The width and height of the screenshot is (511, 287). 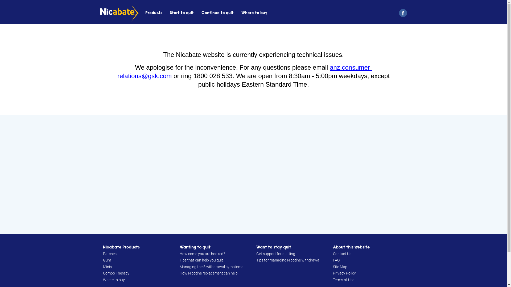 What do you see at coordinates (336, 260) in the screenshot?
I see `'FAQ'` at bounding box center [336, 260].